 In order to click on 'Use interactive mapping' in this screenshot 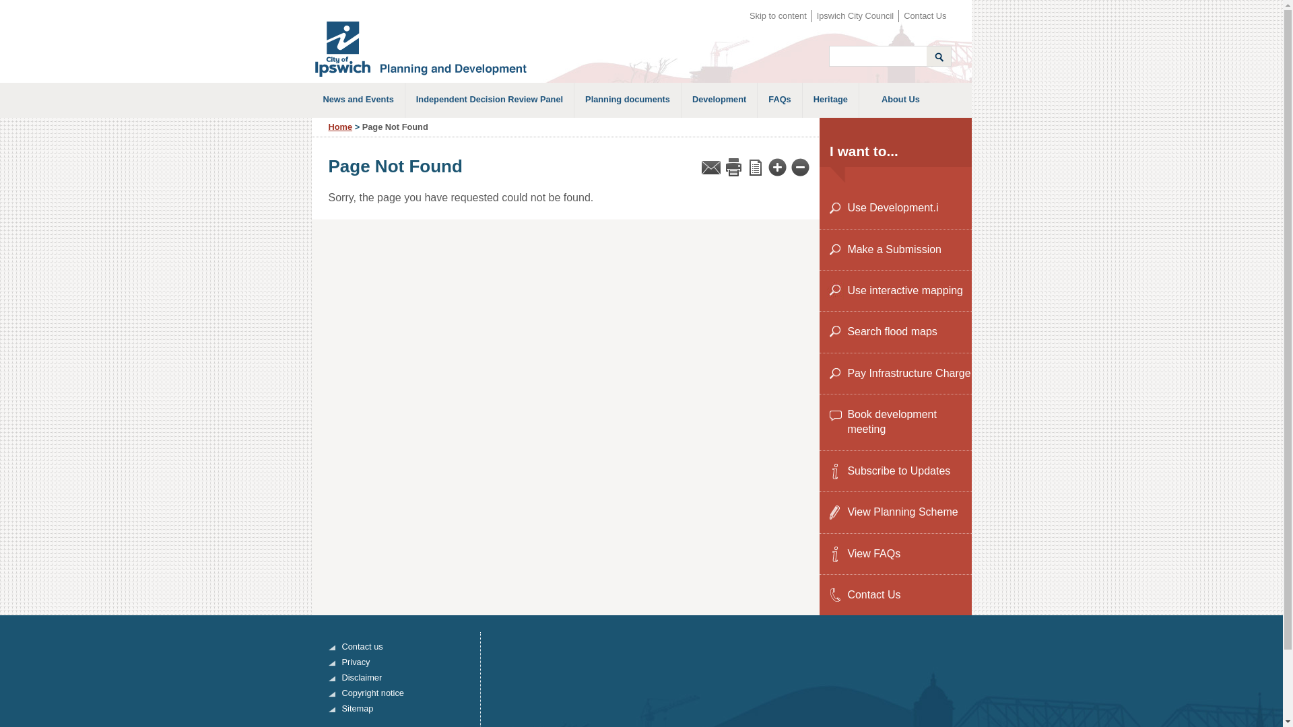, I will do `click(826, 290)`.